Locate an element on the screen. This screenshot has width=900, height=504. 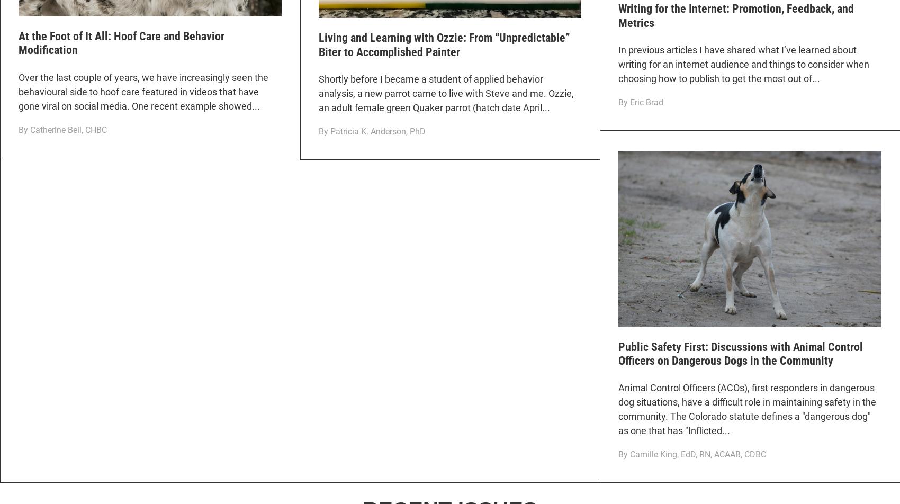
'By  Patricia K. Anderson, PhD' is located at coordinates (317, 131).